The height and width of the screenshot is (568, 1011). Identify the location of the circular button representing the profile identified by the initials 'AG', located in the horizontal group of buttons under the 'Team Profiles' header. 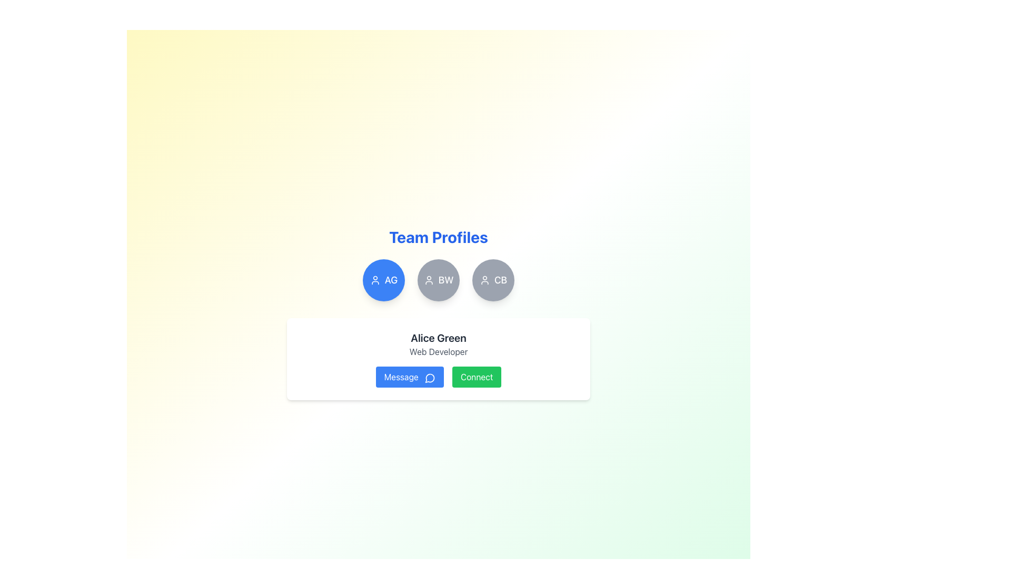
(383, 279).